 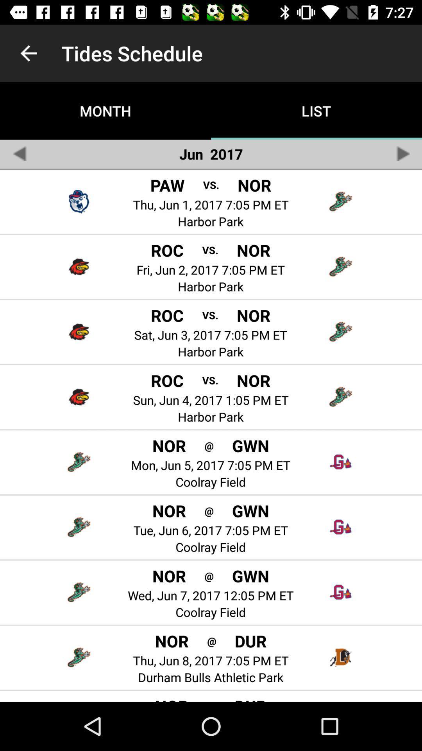 What do you see at coordinates (28, 53) in the screenshot?
I see `the icon to the left of the tides schedule` at bounding box center [28, 53].